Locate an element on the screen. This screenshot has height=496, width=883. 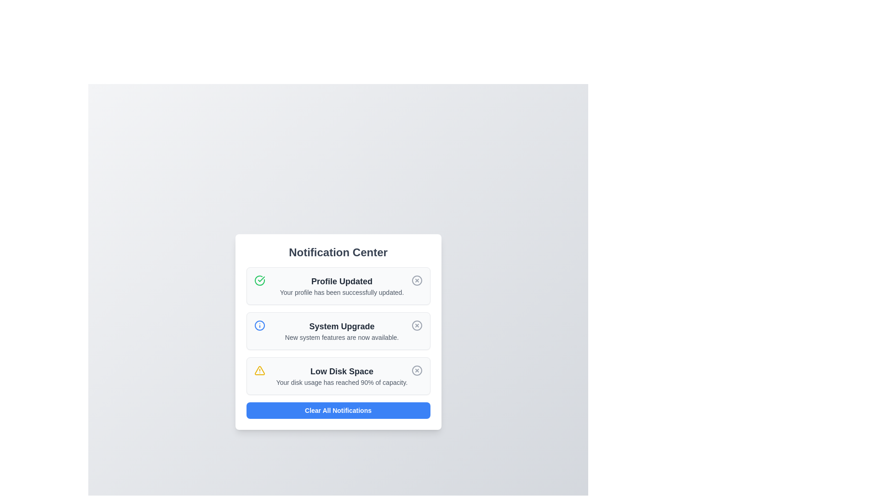
the circular close icon inside the 'Low Disk Space' notification alert is located at coordinates (416, 370).